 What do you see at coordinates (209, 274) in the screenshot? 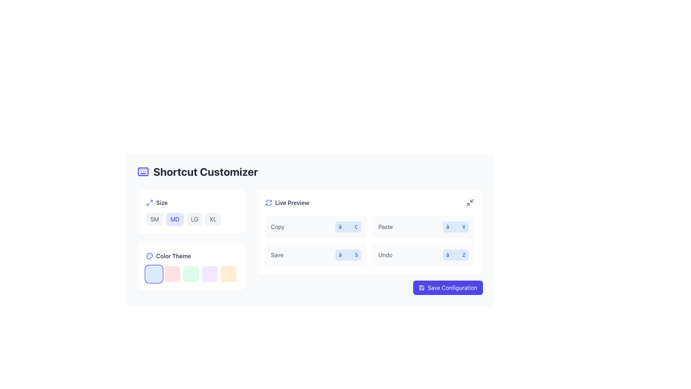
I see `the fourth button in the 5-column grid layout under the 'Color Theme' section` at bounding box center [209, 274].